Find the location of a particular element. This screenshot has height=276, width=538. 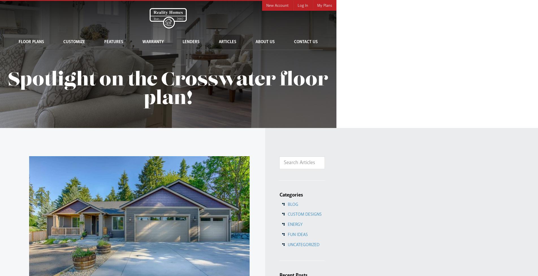

'Warranty' is located at coordinates (153, 42).